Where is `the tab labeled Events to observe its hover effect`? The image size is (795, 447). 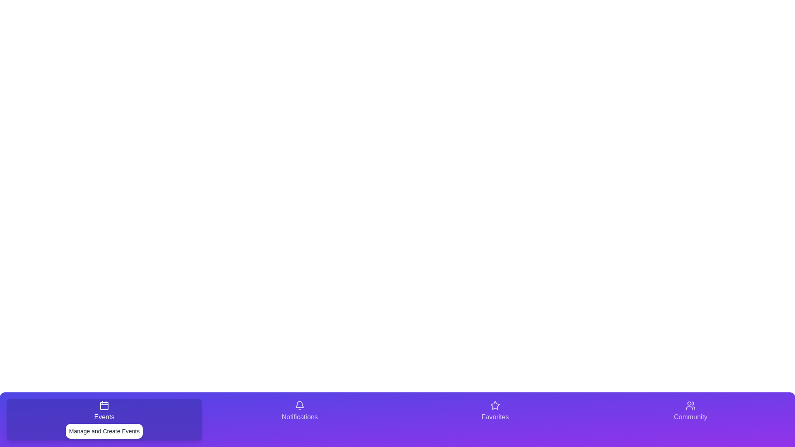
the tab labeled Events to observe its hover effect is located at coordinates (104, 420).